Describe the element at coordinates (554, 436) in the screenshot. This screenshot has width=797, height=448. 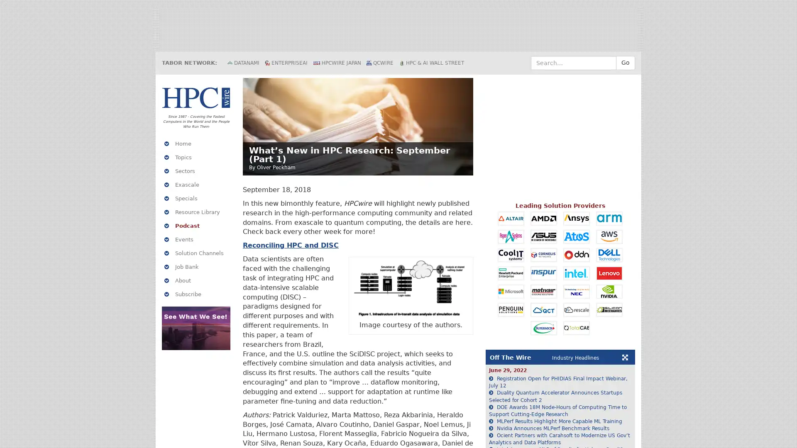
I see `Accept` at that location.